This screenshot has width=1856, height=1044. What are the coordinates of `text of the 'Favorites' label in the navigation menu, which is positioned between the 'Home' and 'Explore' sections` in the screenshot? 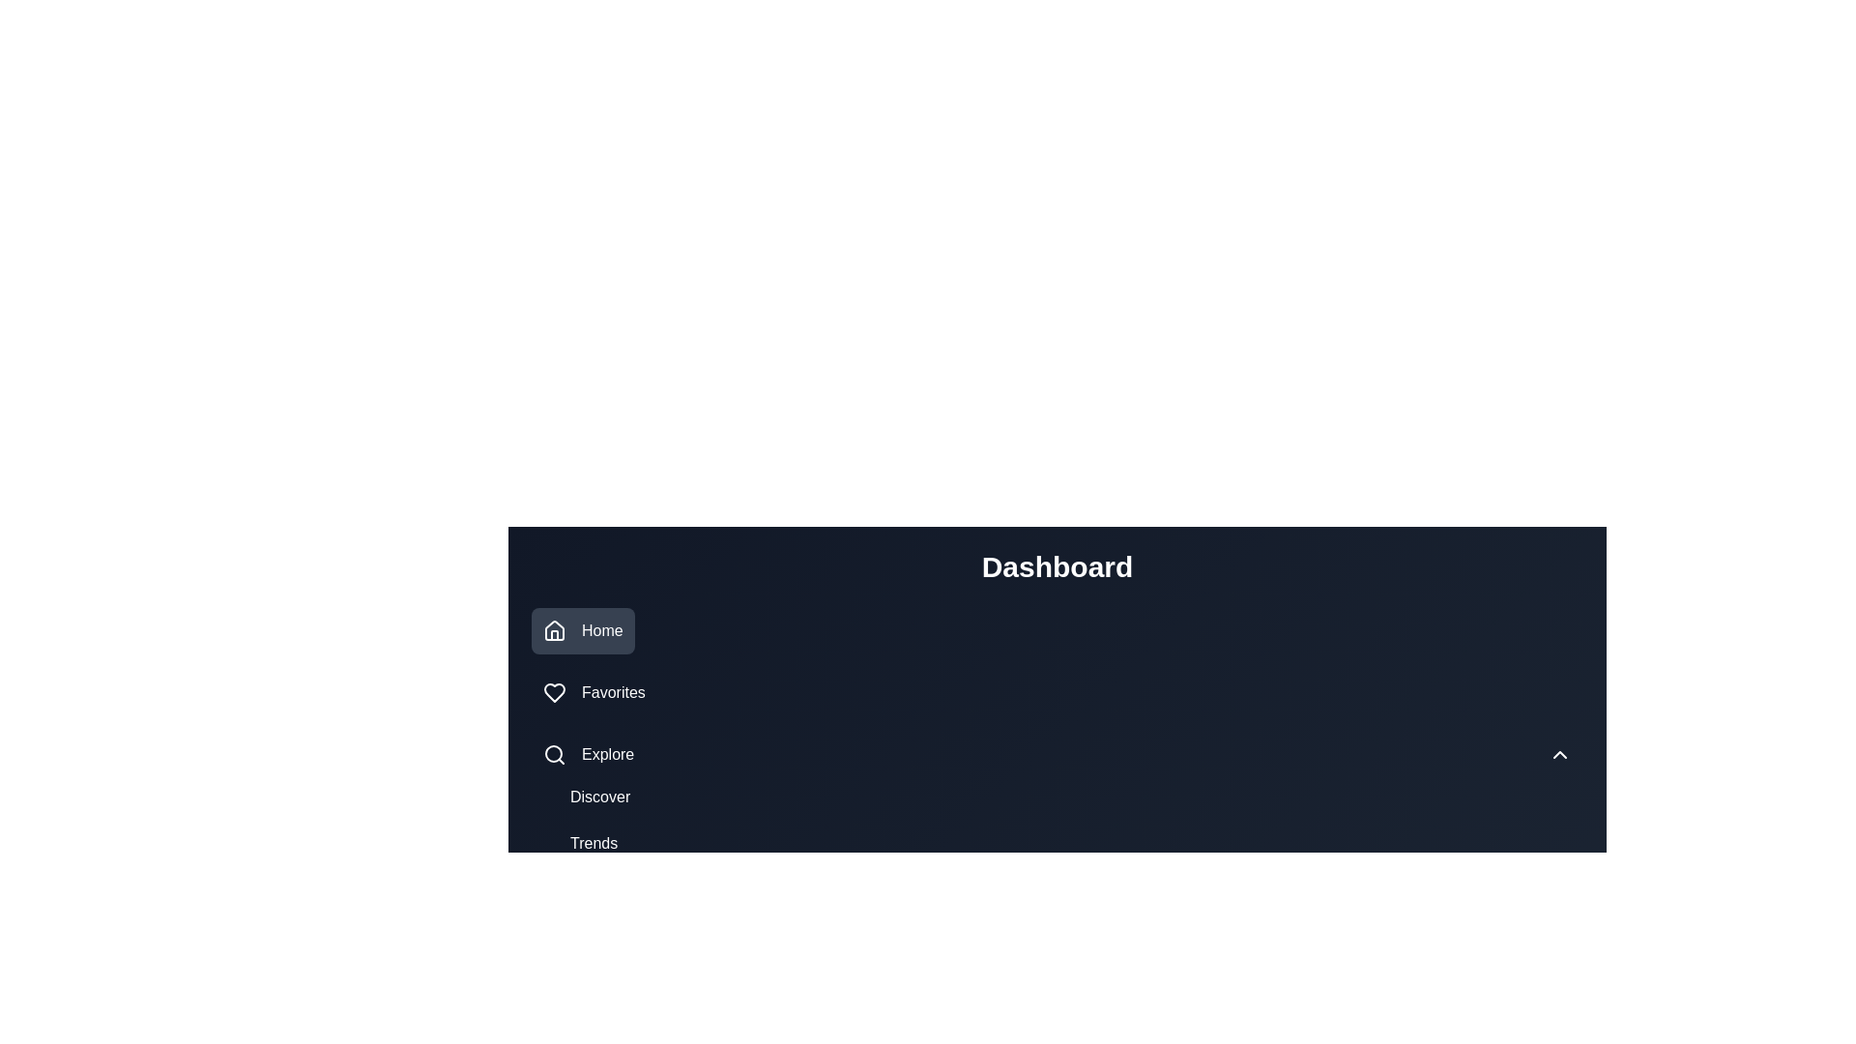 It's located at (612, 692).